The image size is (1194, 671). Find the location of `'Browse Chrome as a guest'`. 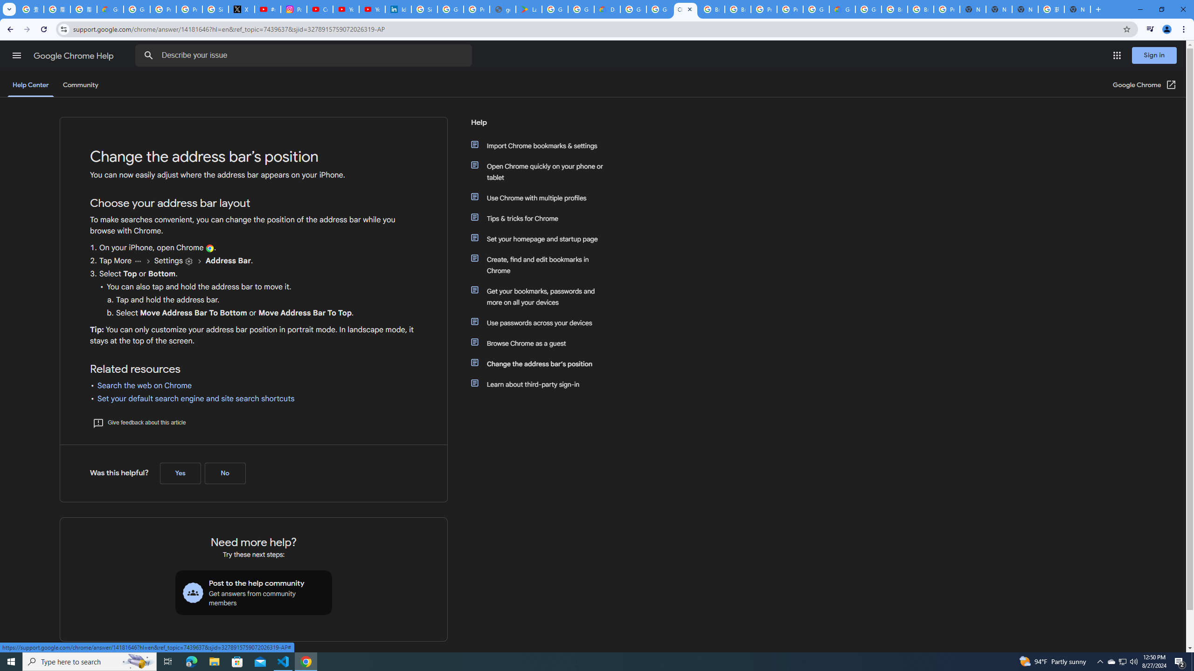

'Browse Chrome as a guest' is located at coordinates (542, 343).